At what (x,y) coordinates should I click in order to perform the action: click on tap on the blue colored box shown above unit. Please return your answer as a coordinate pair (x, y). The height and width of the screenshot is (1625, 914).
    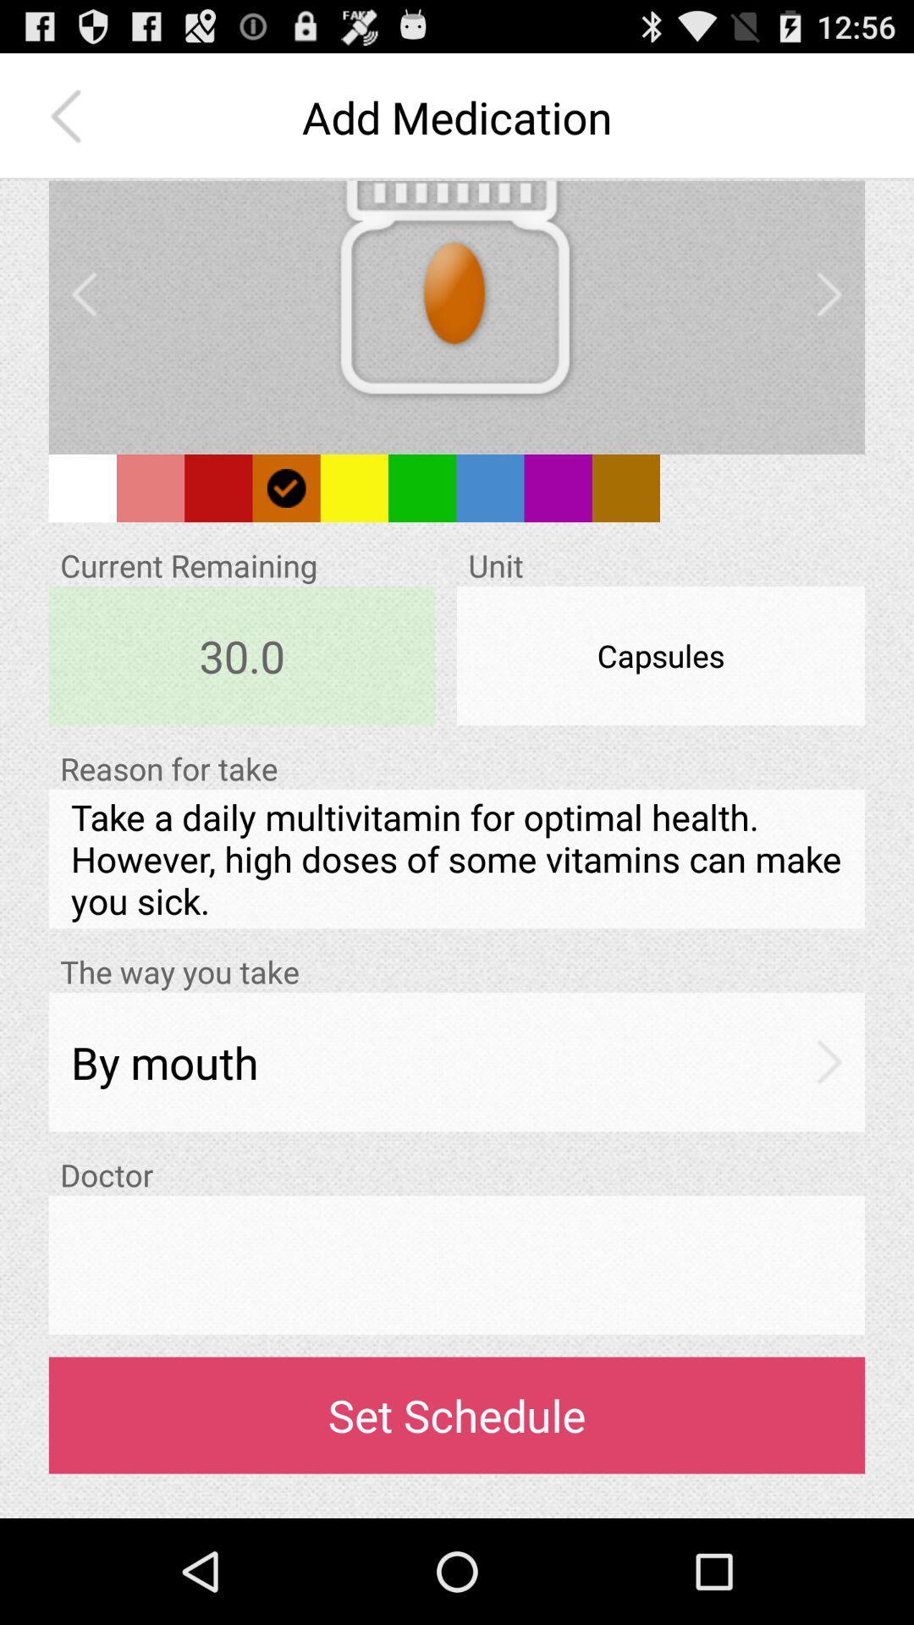
    Looking at the image, I should click on (490, 487).